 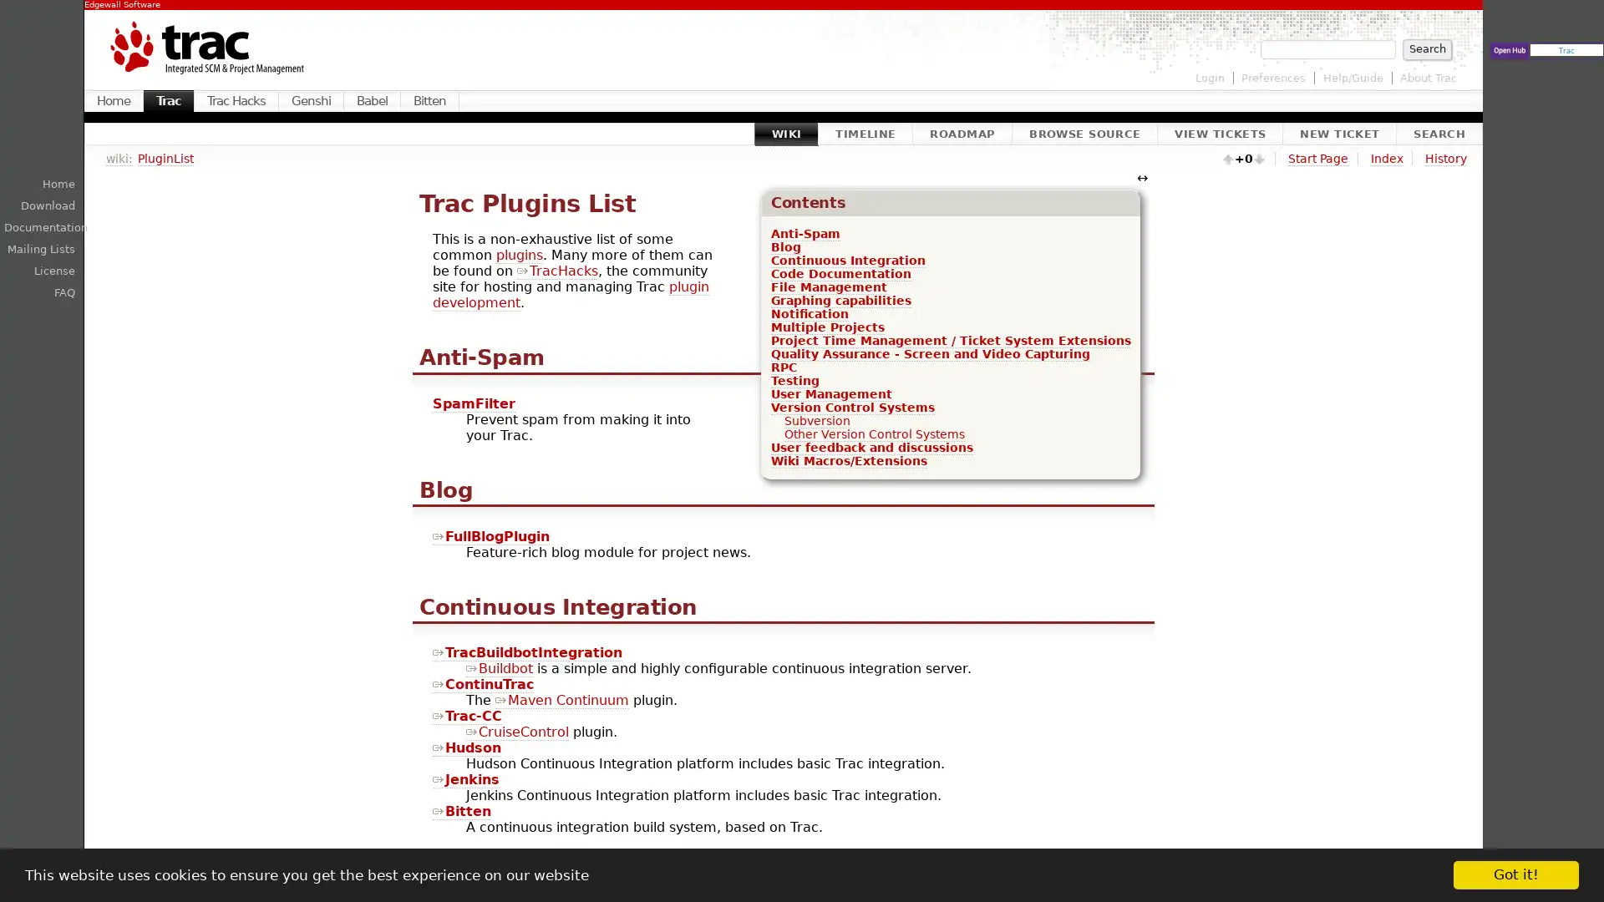 I want to click on Search, so click(x=1426, y=48).